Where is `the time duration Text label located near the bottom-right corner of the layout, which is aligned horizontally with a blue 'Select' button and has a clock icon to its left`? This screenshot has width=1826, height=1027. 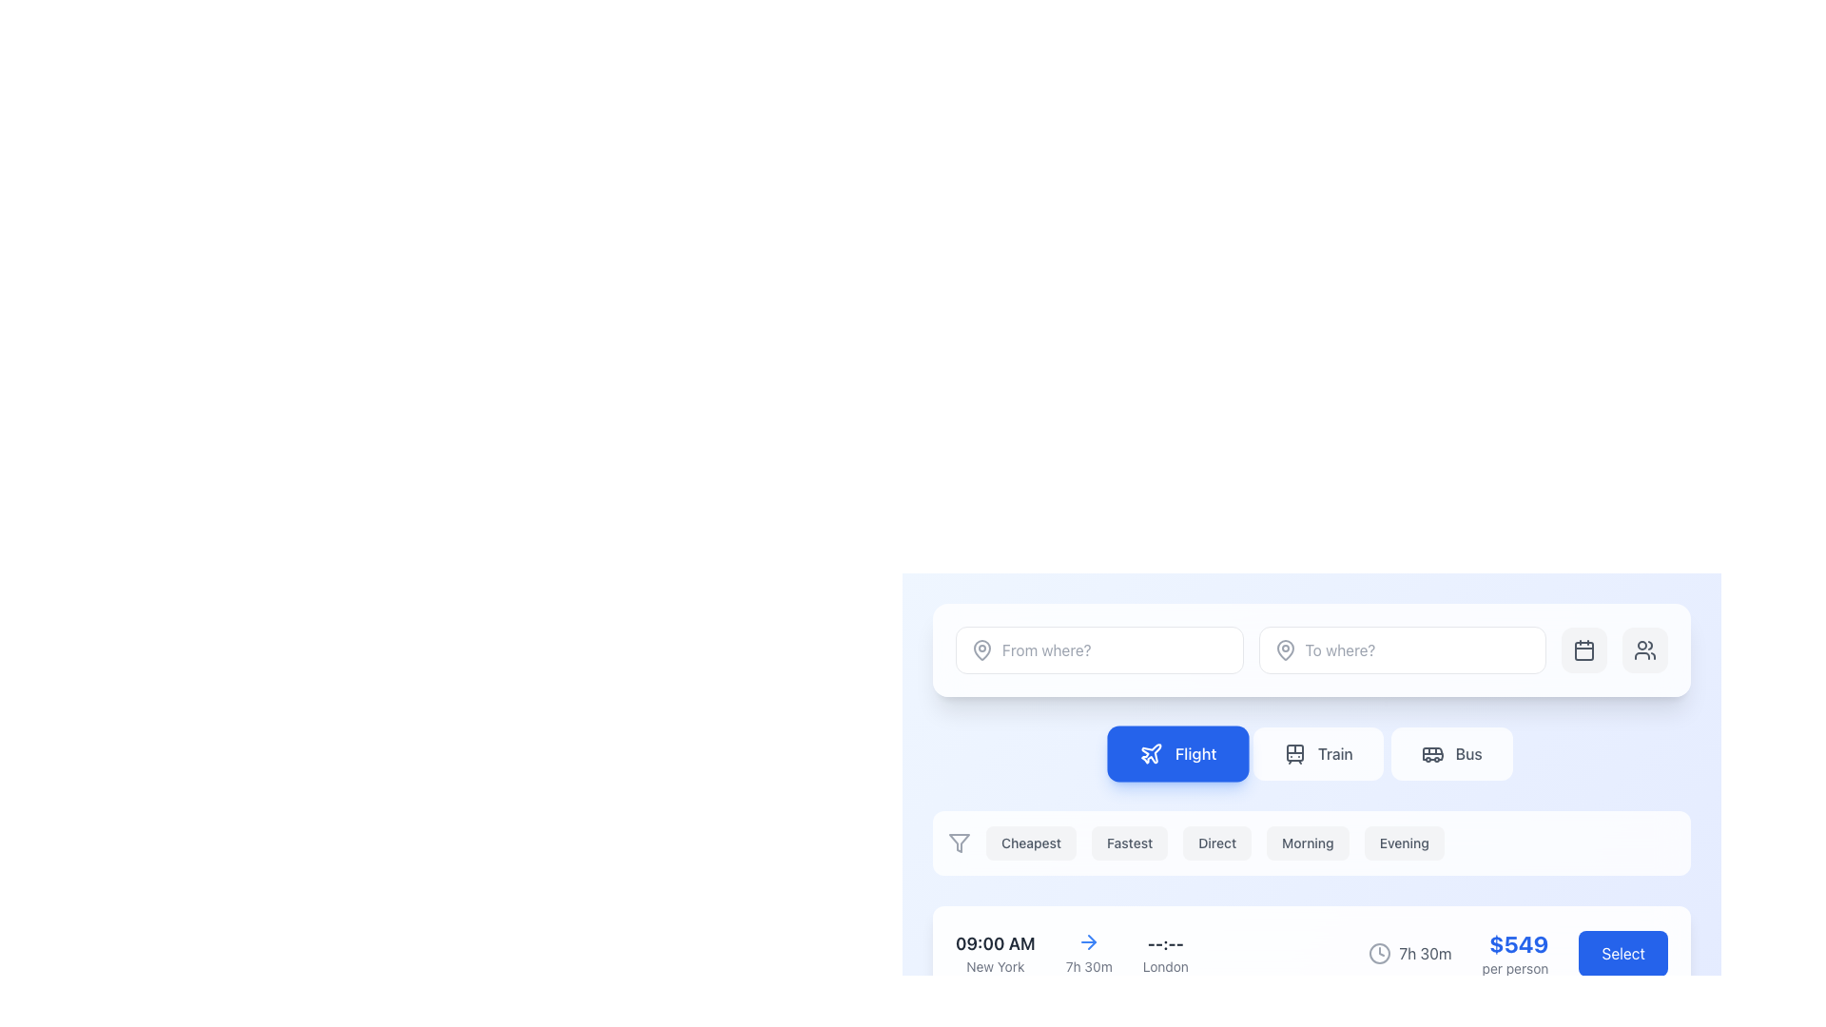
the time duration Text label located near the bottom-right corner of the layout, which is aligned horizontally with a blue 'Select' button and has a clock icon to its left is located at coordinates (1425, 953).